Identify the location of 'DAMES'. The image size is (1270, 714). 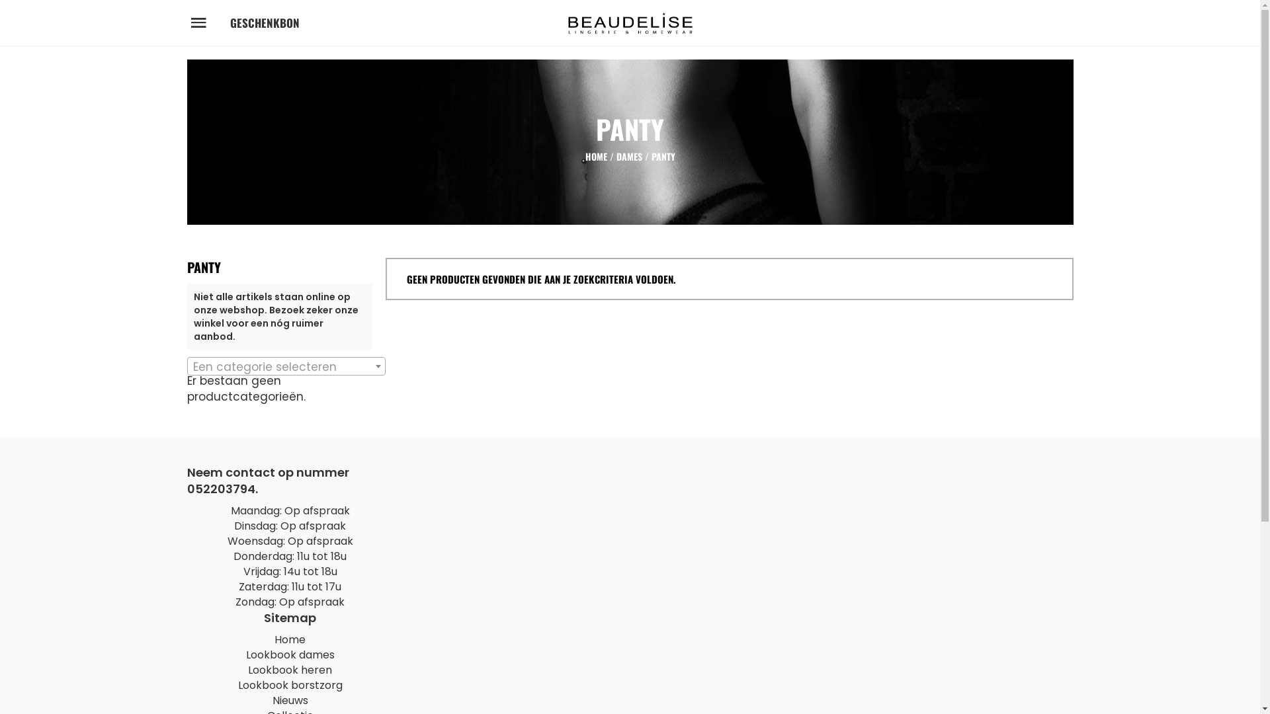
(615, 155).